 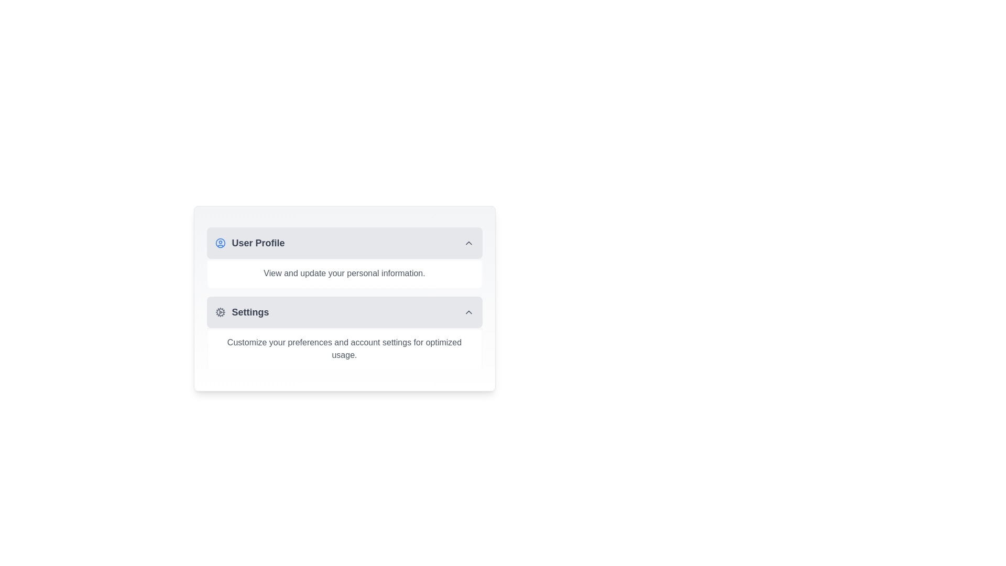 I want to click on the user profile settings label, so click(x=258, y=243).